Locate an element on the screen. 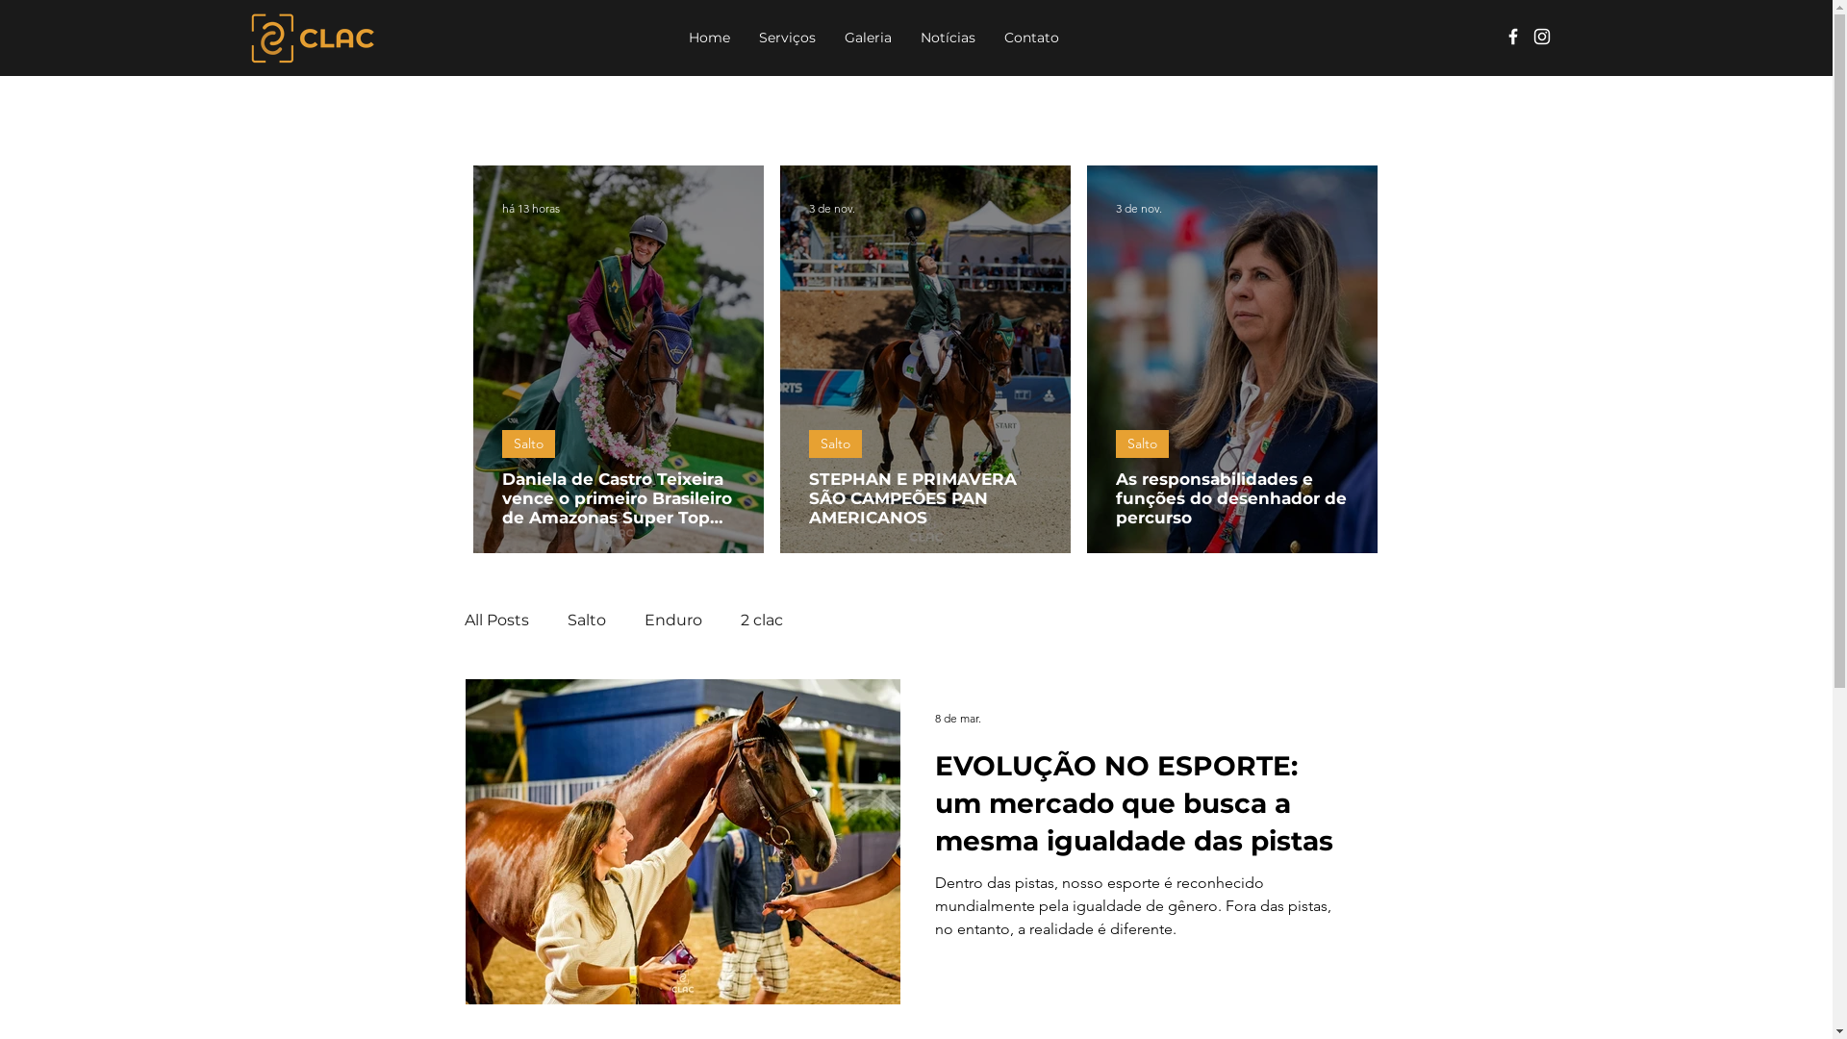 This screenshot has height=1039, width=1847. 'Salto' is located at coordinates (808, 443).